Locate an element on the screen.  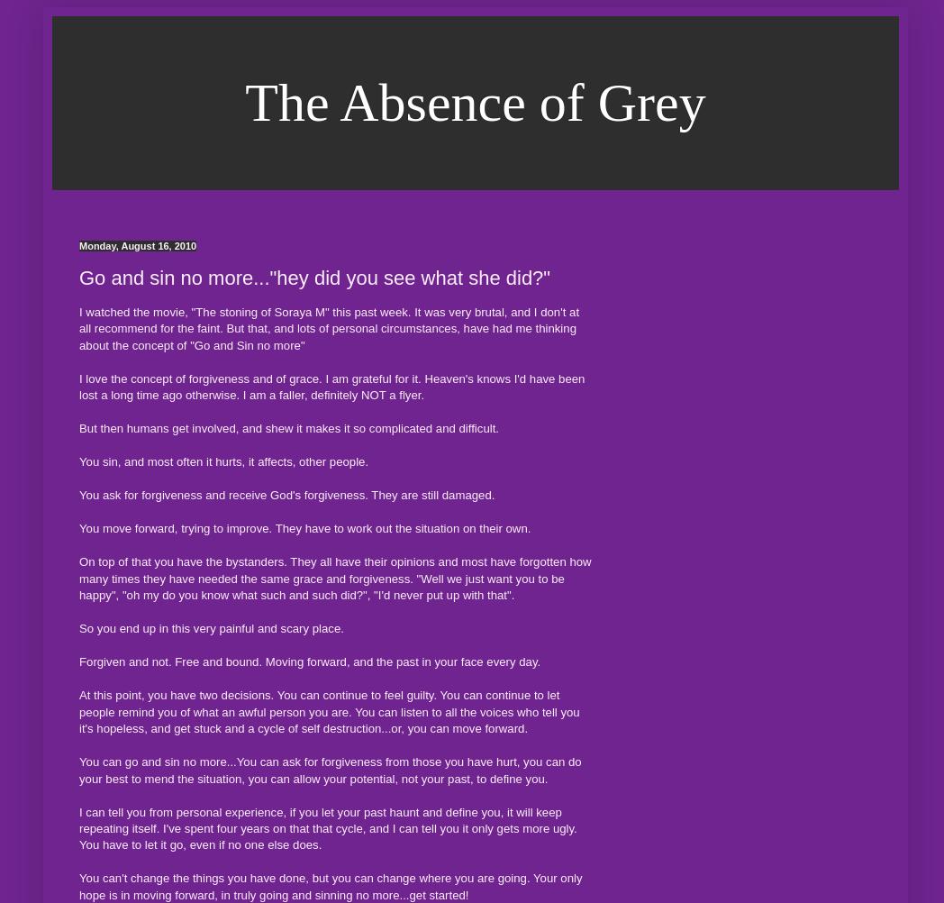
'I watched the movie, "The stoning of Soraya M" this past week. It was very brutal, and I don't at all recommend for the faint. But that, and lots of personal circumstances, have had me thinking about the concept of "Go and Sin no more"' is located at coordinates (328, 328).